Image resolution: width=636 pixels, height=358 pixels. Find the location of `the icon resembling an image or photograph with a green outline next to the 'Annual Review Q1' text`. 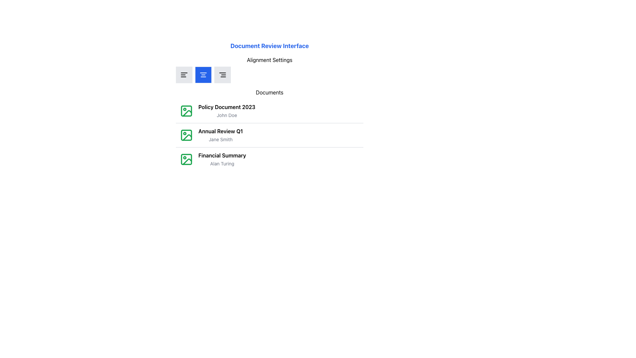

the icon resembling an image or photograph with a green outline next to the 'Annual Review Q1' text is located at coordinates (186, 135).